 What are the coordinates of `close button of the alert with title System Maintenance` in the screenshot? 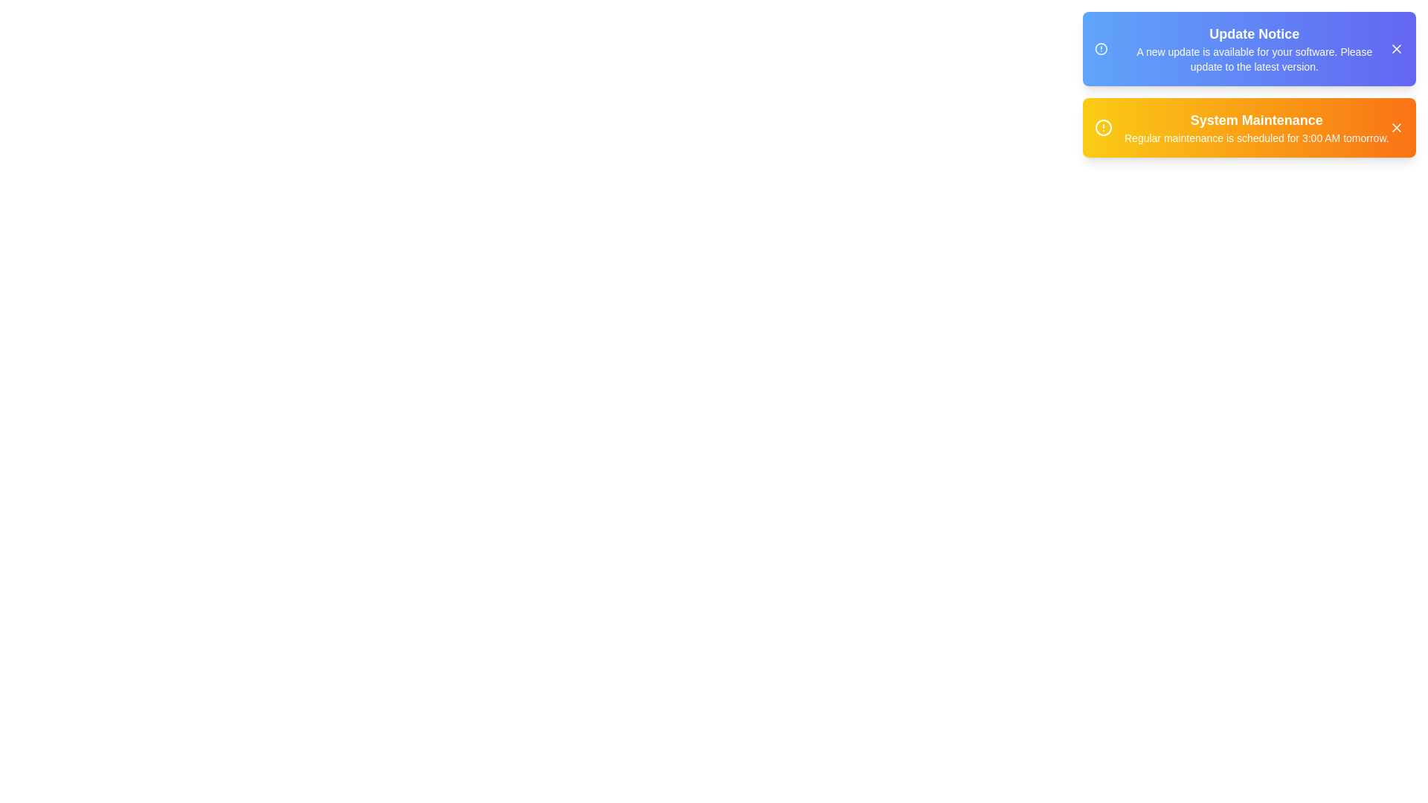 It's located at (1395, 127).